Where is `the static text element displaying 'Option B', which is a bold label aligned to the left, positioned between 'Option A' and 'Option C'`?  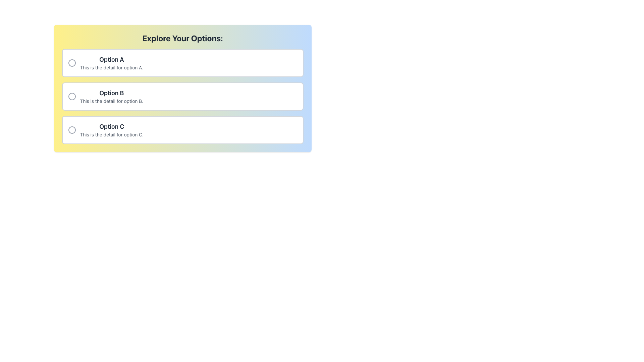
the static text element displaying 'Option B', which is a bold label aligned to the left, positioned between 'Option A' and 'Option C' is located at coordinates (111, 93).